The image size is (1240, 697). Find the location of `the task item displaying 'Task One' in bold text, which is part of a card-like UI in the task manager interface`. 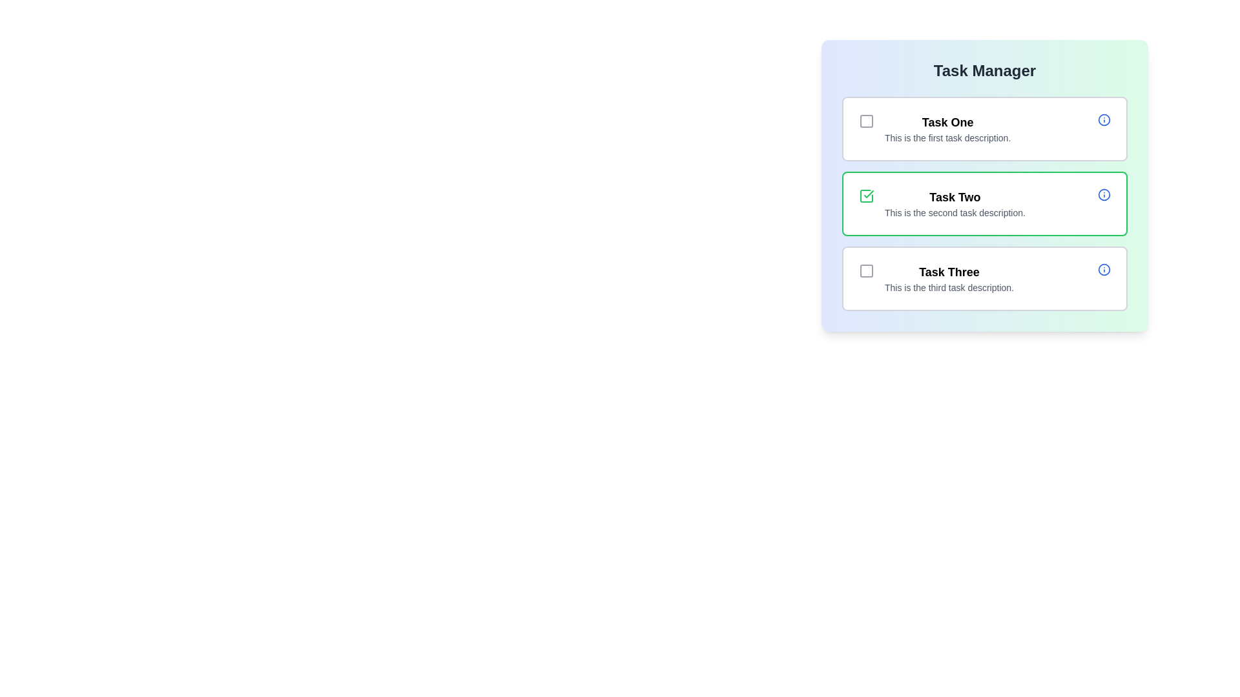

the task item displaying 'Task One' in bold text, which is part of a card-like UI in the task manager interface is located at coordinates (947, 129).